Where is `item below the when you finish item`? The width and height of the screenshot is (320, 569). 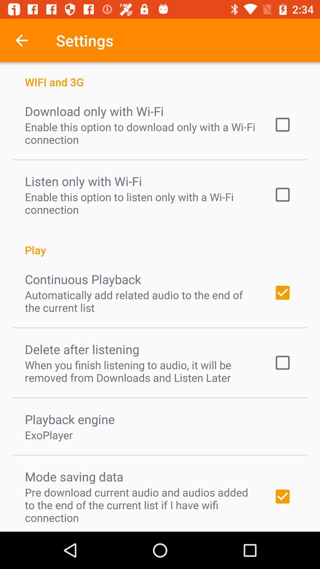 item below the when you finish item is located at coordinates (69, 419).